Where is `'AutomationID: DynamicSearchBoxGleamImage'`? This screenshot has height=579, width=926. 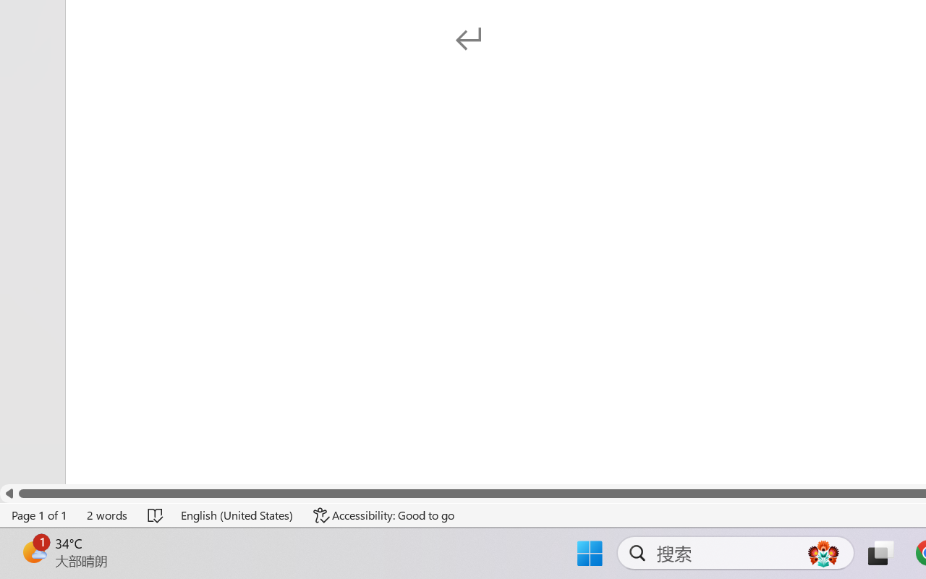
'AutomationID: DynamicSearchBoxGleamImage' is located at coordinates (823, 553).